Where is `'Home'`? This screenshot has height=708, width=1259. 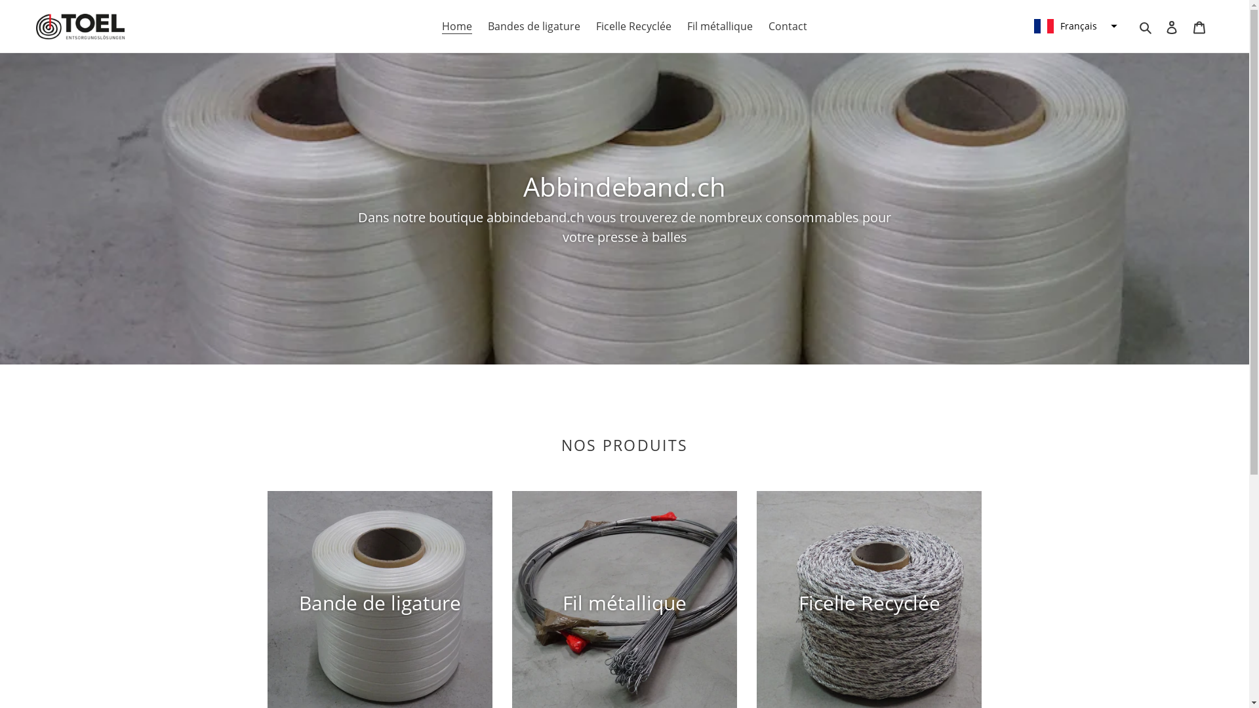
'Home' is located at coordinates (435, 26).